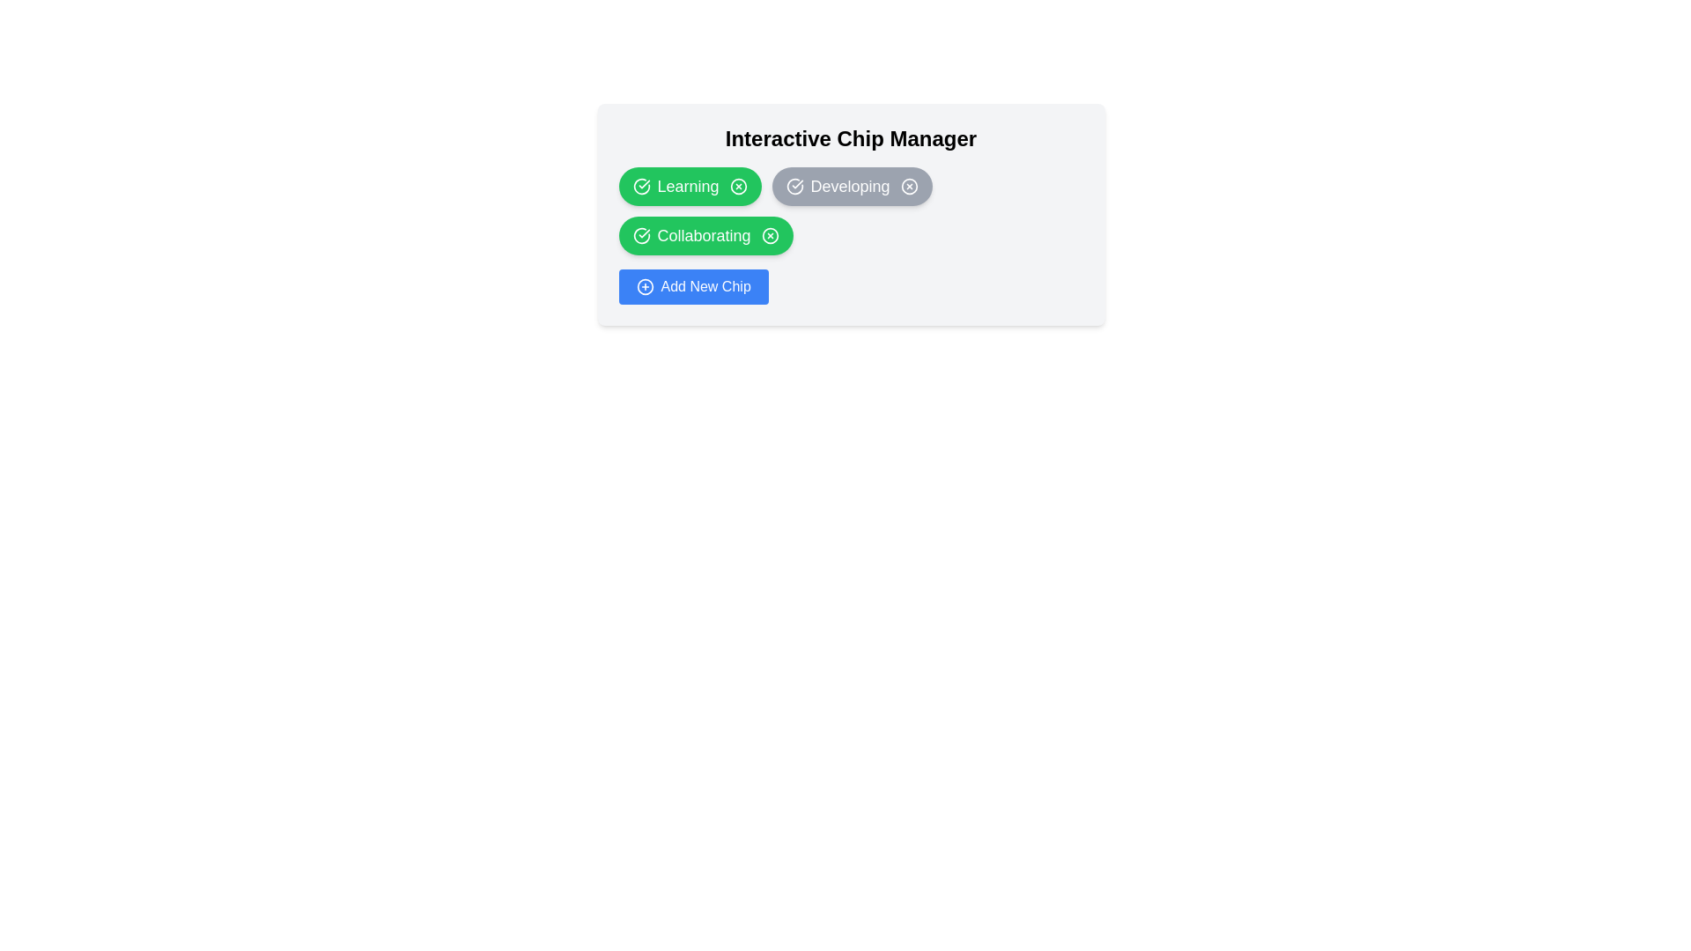  What do you see at coordinates (909, 187) in the screenshot?
I see `the close/remove icon button, which is a small circular icon with a cross inside, located to the far right of the 'Developing' button in the second column of chips` at bounding box center [909, 187].